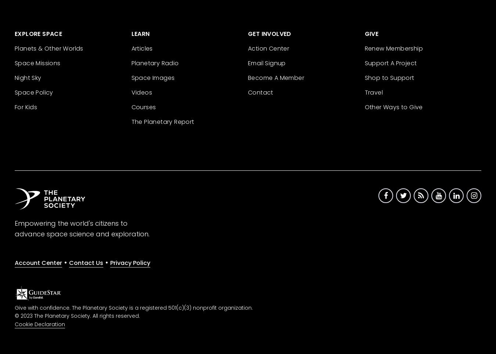 This screenshot has height=354, width=496. Describe the element at coordinates (141, 92) in the screenshot. I see `'Videos'` at that location.